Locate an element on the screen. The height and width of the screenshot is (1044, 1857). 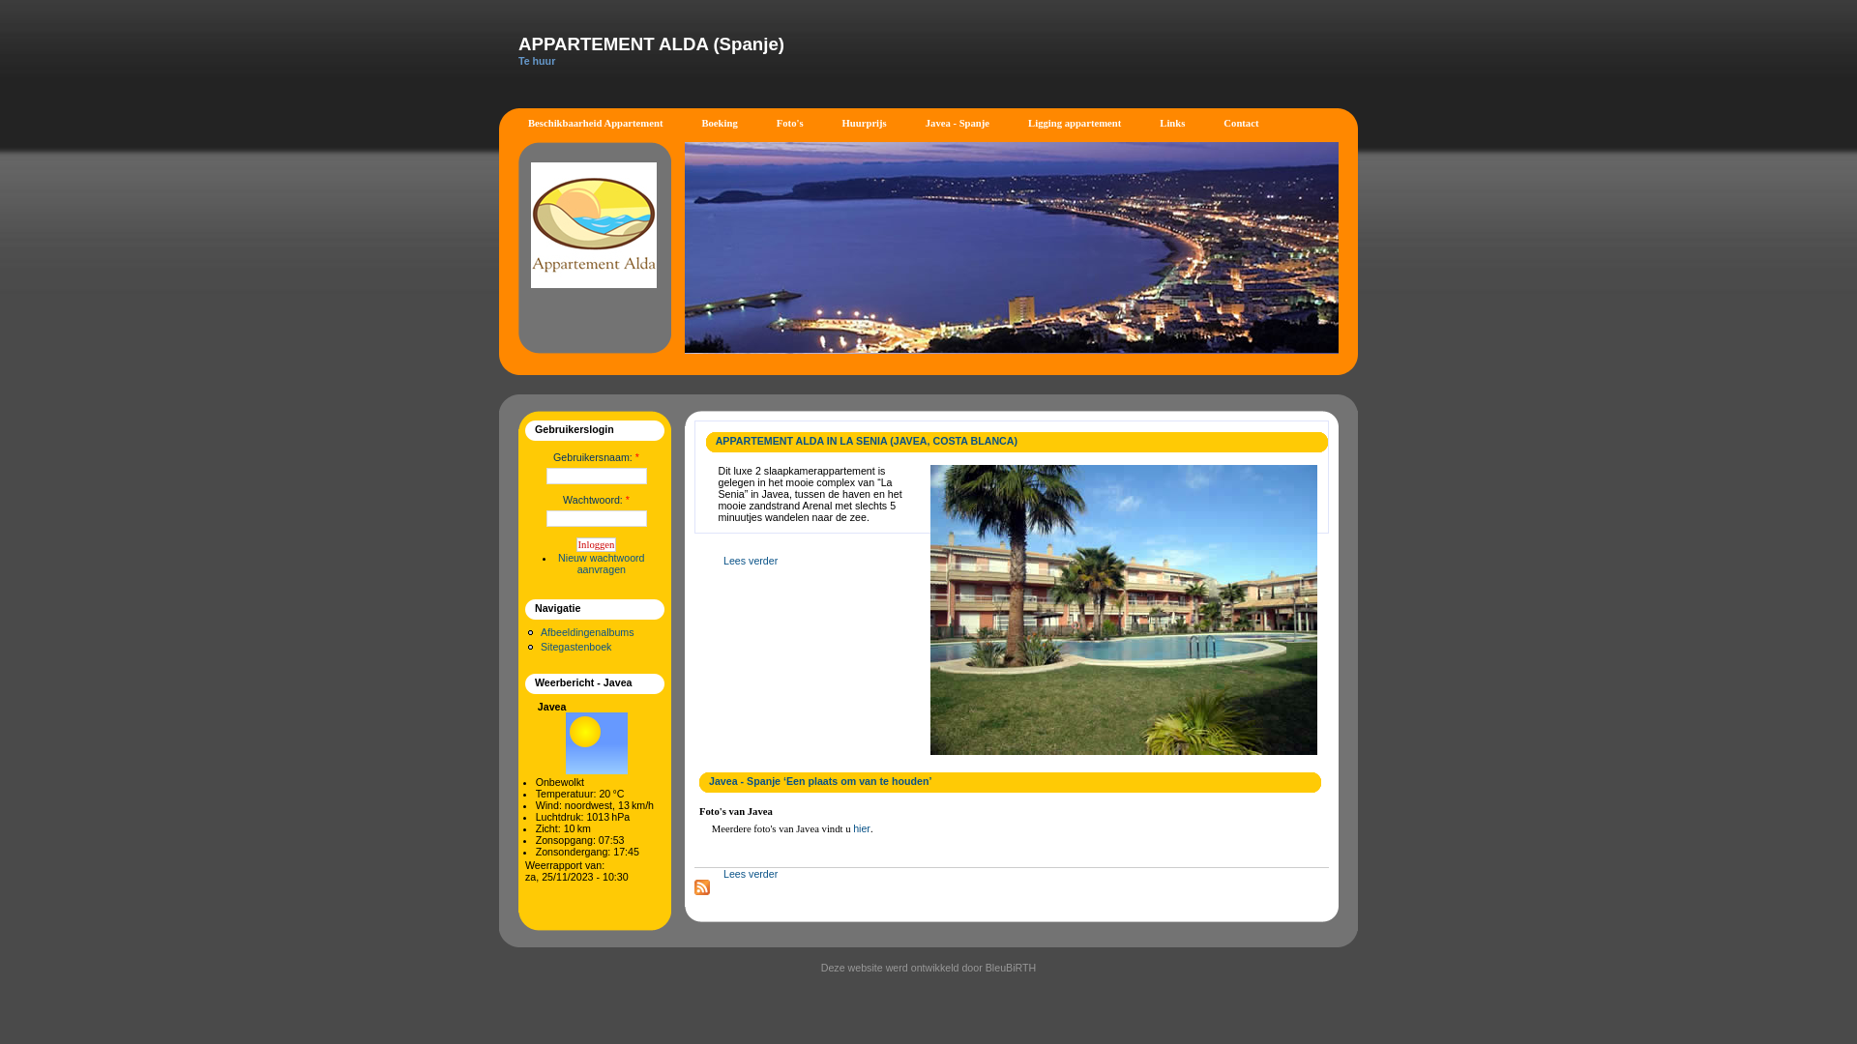
'APPARTEMENT ALDA (Spanje) RSS' is located at coordinates (700, 887).